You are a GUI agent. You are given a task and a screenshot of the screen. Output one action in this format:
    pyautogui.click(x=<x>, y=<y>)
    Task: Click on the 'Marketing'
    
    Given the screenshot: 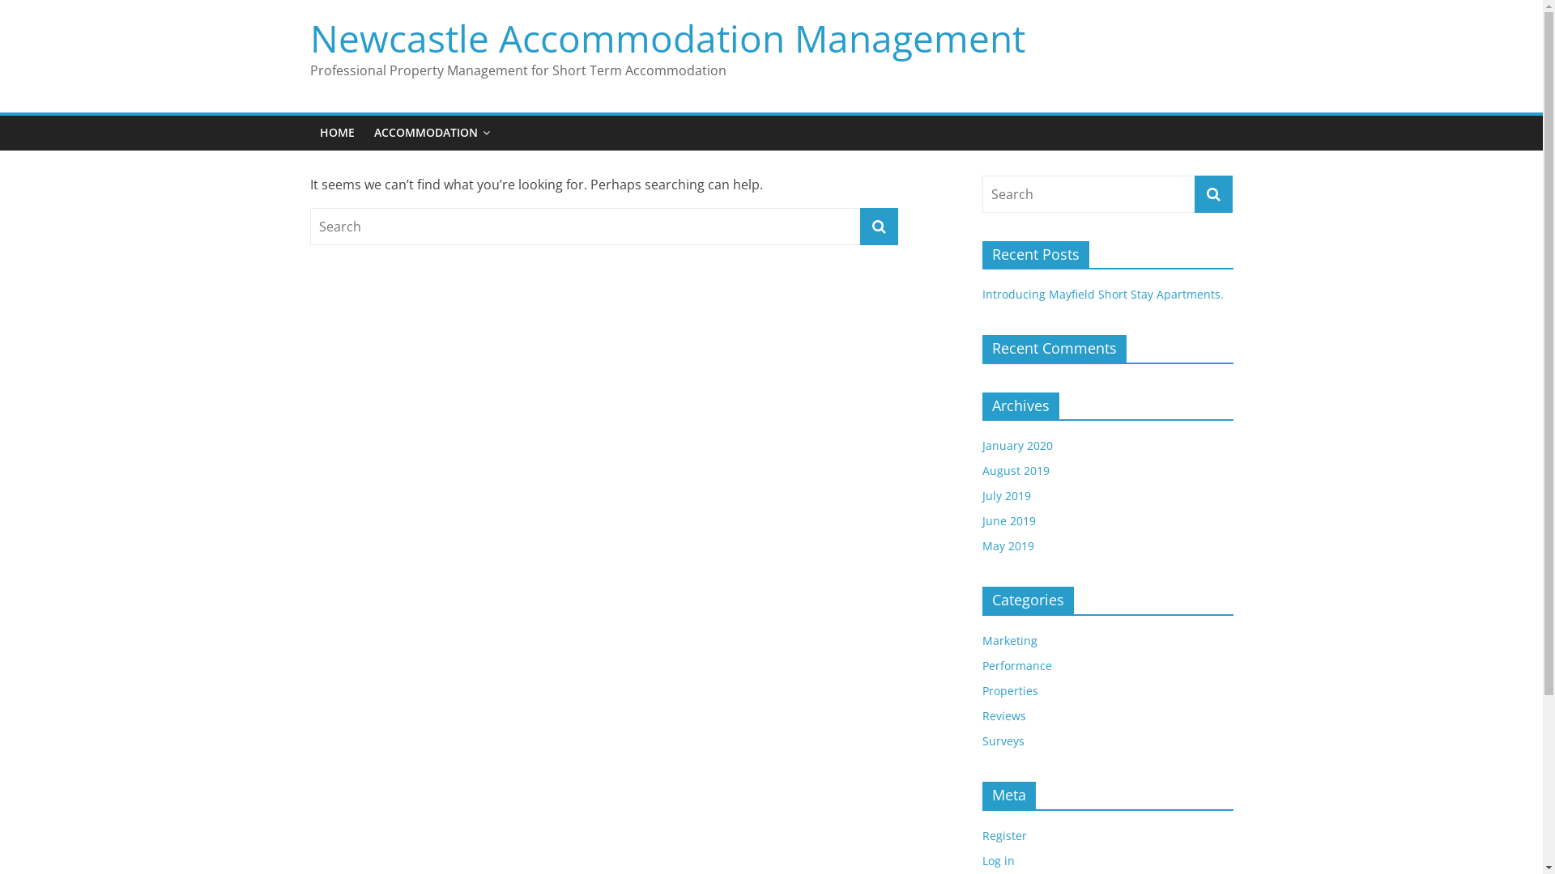 What is the action you would take?
    pyautogui.click(x=1008, y=639)
    